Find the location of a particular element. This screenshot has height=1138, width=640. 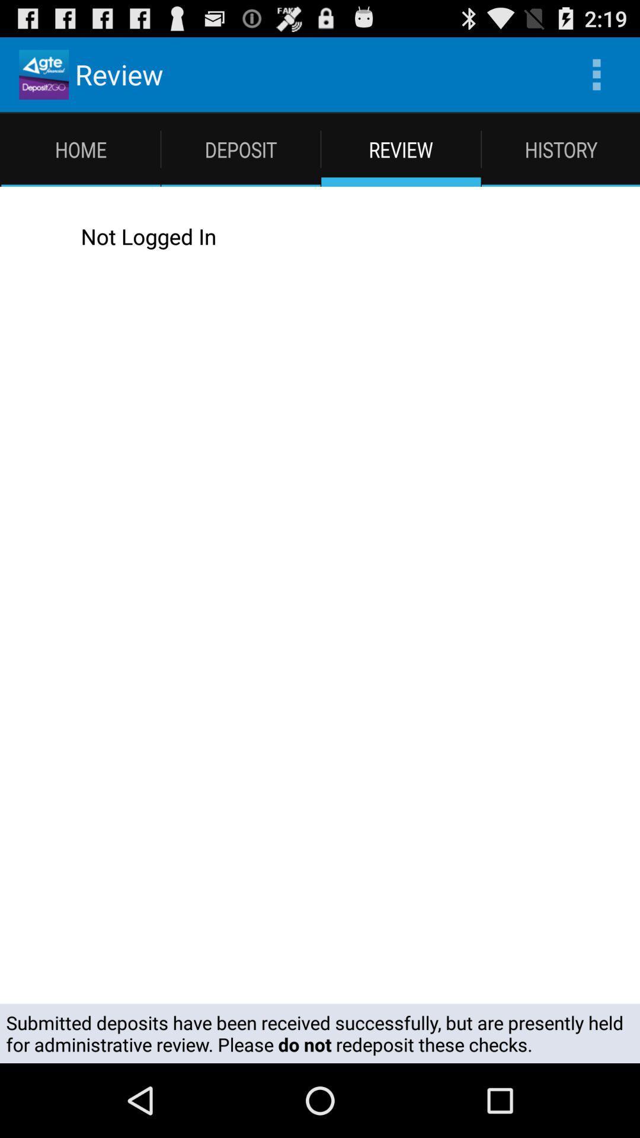

app next to the review app is located at coordinates (596, 73).